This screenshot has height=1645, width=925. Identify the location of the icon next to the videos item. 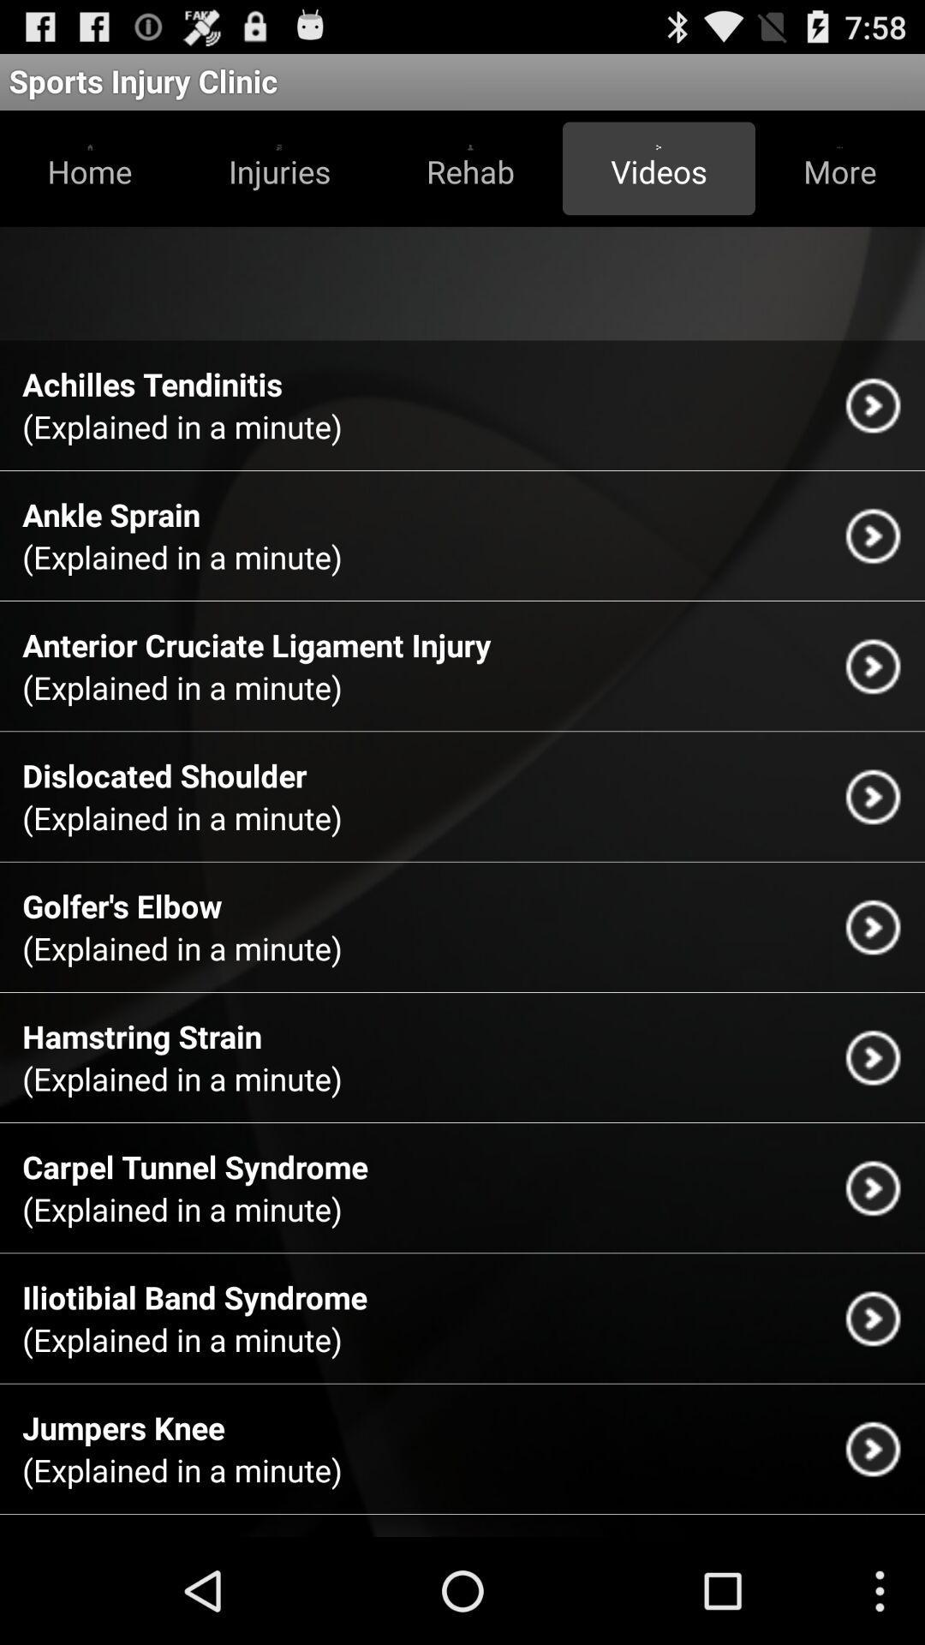
(470, 168).